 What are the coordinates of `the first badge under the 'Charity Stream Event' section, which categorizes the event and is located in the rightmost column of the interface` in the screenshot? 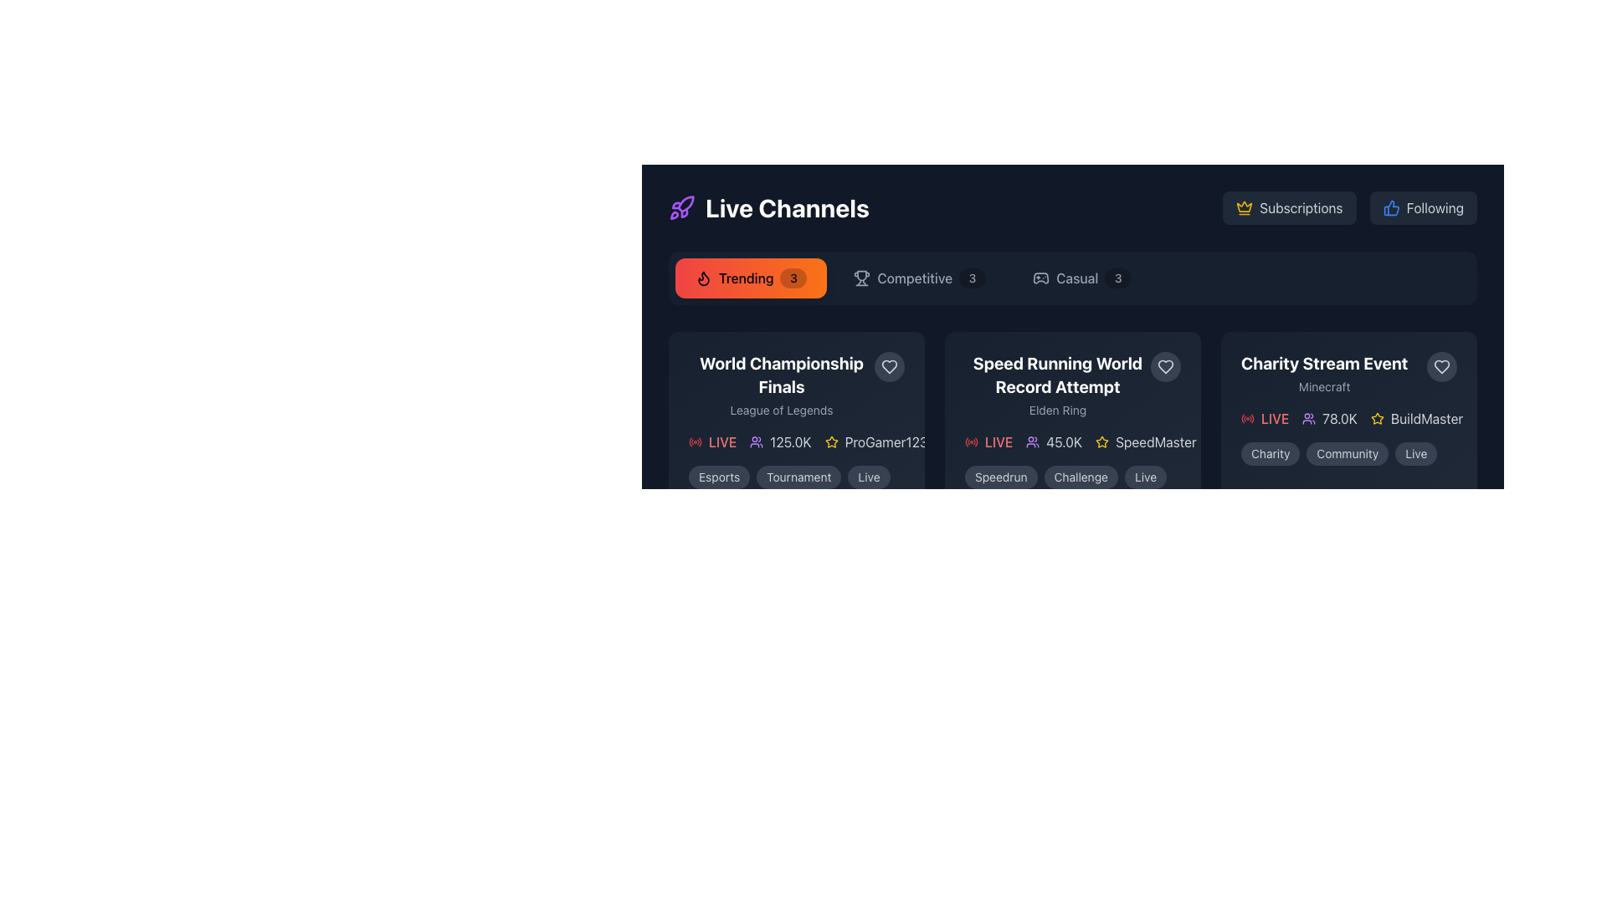 It's located at (1271, 454).